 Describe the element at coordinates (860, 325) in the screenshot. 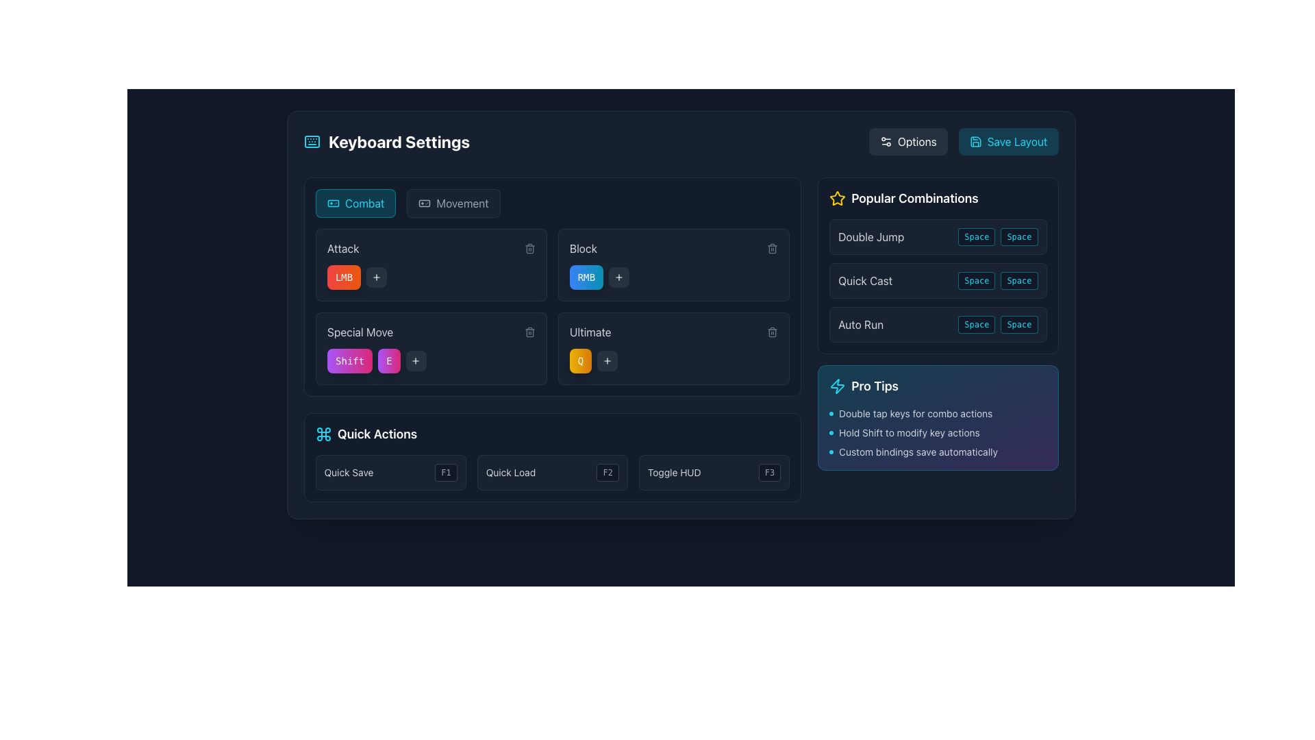

I see `the 'Auto Run' text label, which is displayed in light gray on a dark background, positioned above two buttons labeled 'Space'` at that location.